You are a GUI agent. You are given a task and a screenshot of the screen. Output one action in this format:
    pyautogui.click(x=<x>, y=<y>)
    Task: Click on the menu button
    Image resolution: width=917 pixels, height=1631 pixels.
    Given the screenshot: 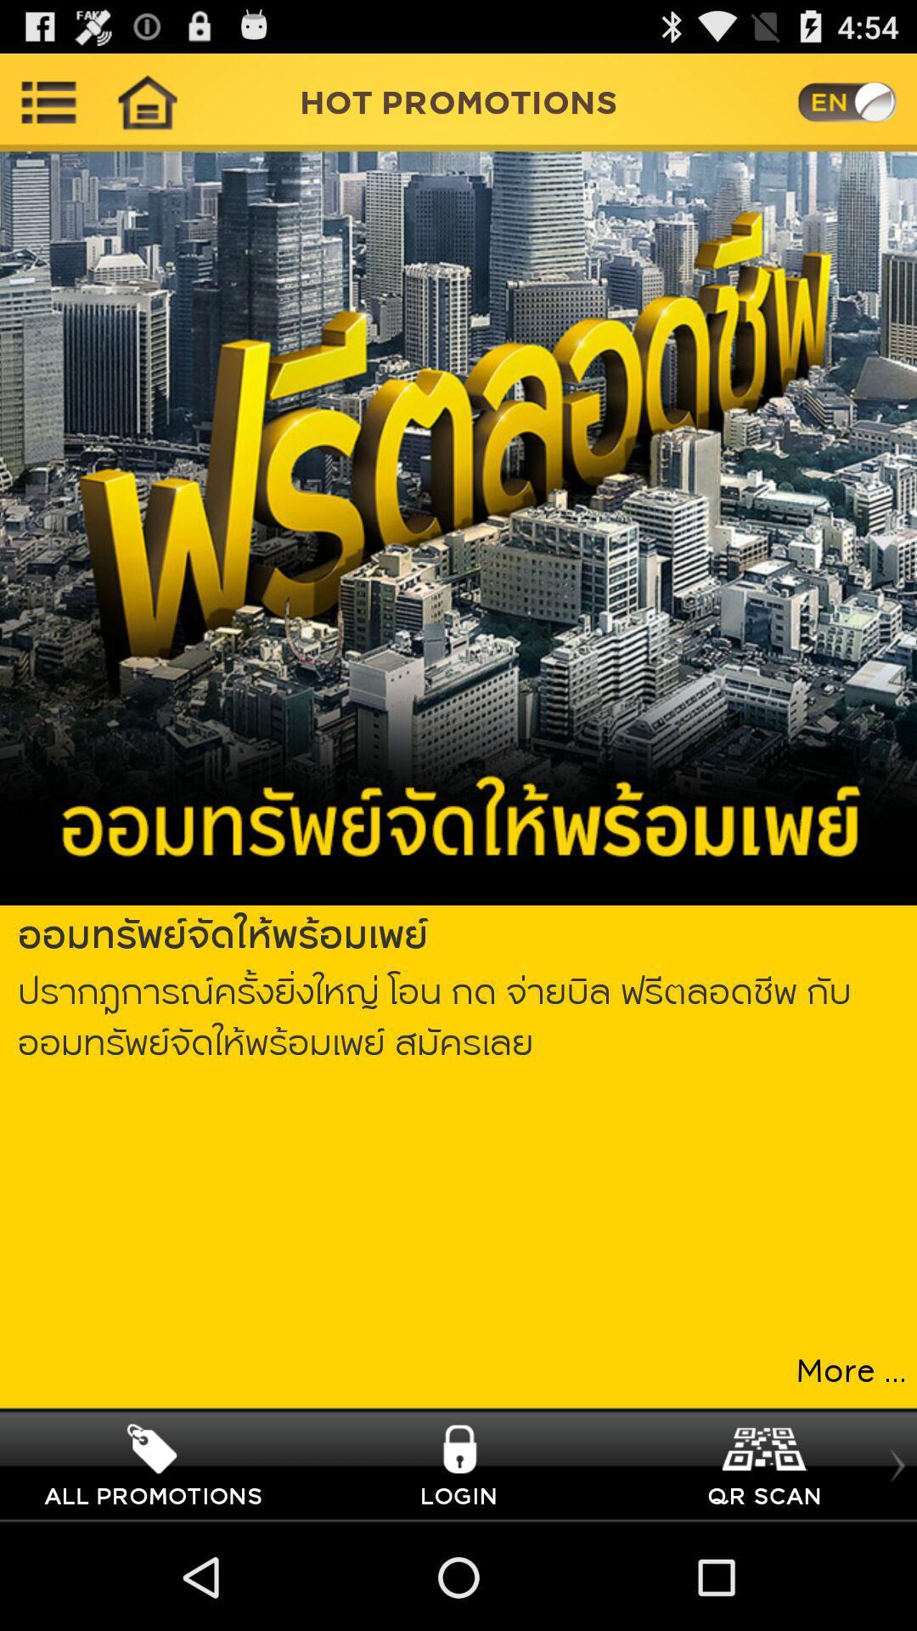 What is the action you would take?
    pyautogui.click(x=48, y=101)
    